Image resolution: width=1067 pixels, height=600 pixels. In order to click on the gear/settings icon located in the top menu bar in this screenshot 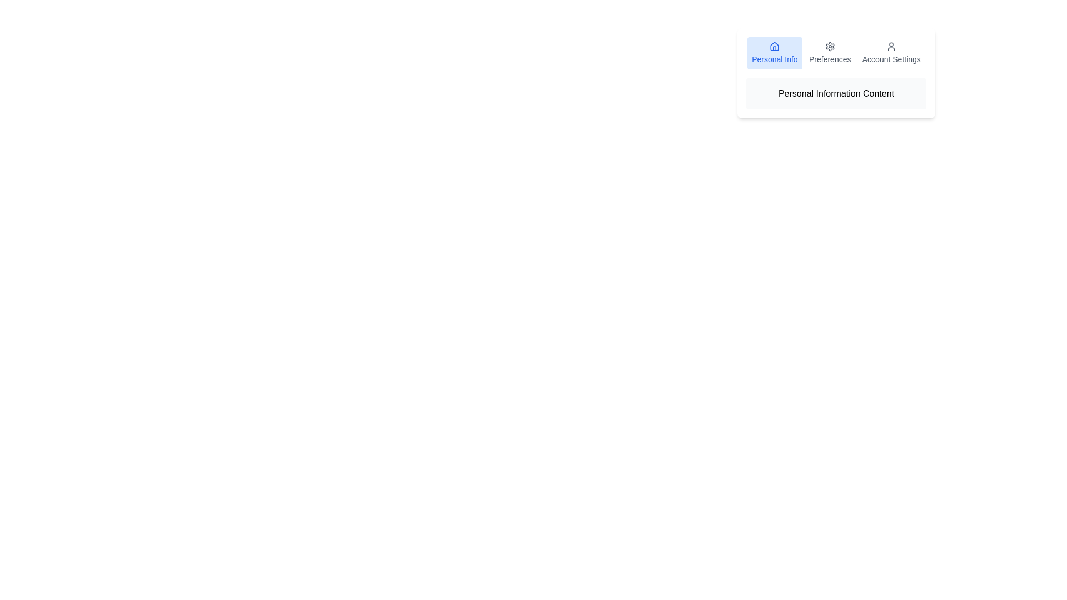, I will do `click(830, 46)`.